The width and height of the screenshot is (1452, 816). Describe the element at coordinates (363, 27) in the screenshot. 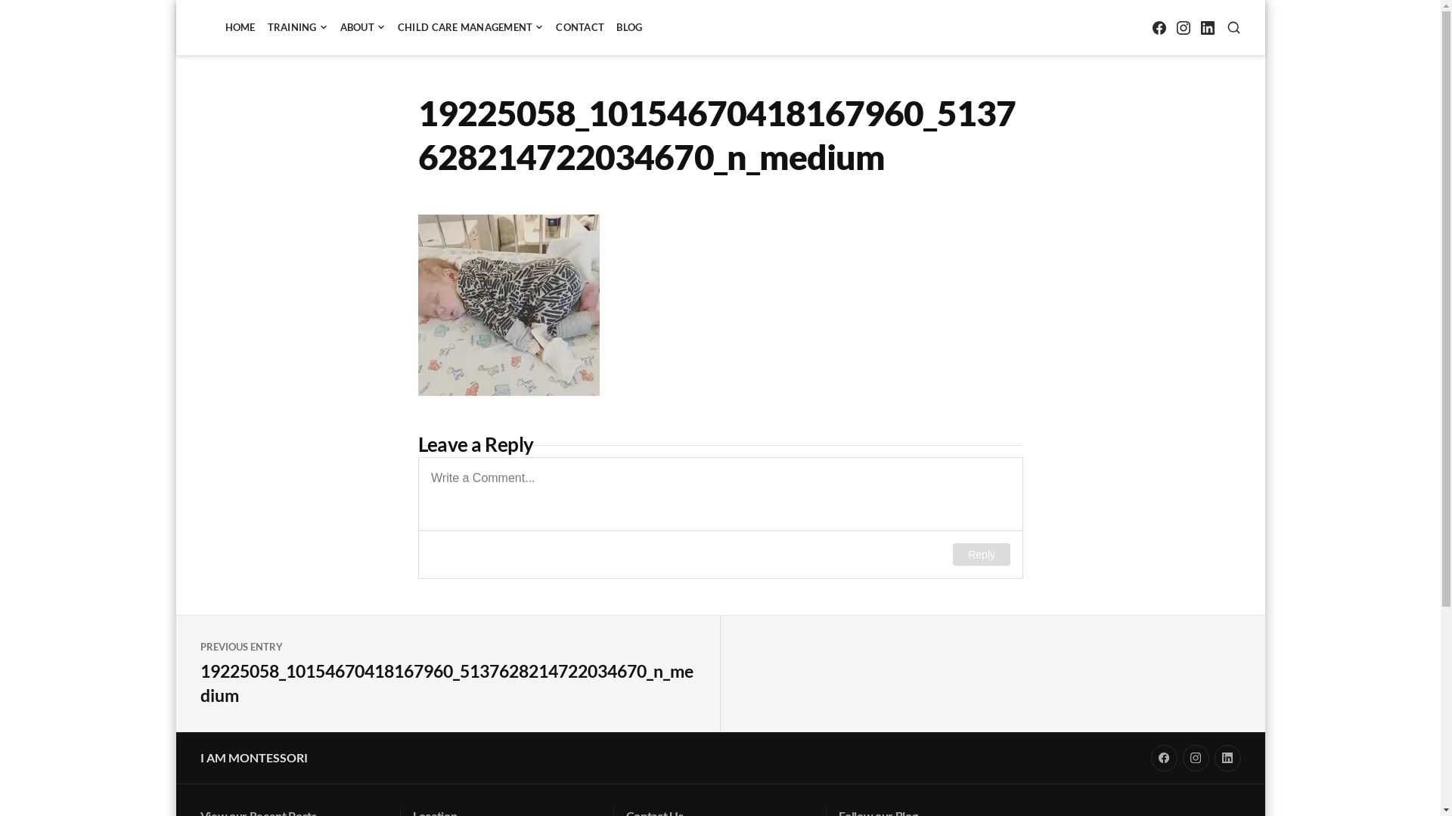

I see `'ABOUT'` at that location.